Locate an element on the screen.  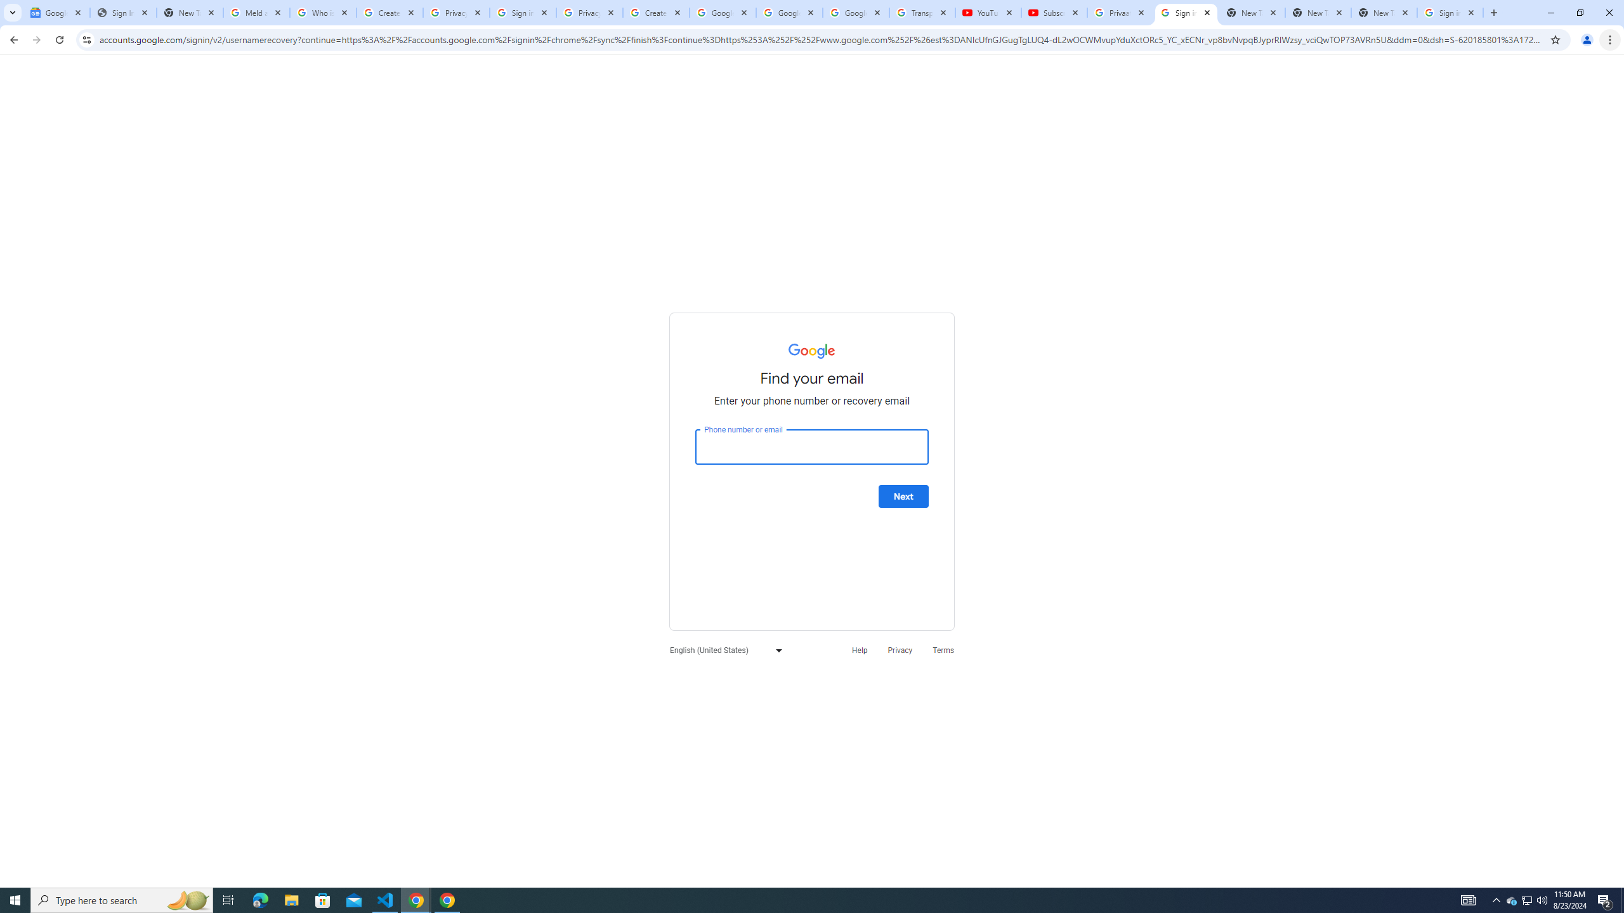
'Subscriptions - YouTube' is located at coordinates (1053, 12).